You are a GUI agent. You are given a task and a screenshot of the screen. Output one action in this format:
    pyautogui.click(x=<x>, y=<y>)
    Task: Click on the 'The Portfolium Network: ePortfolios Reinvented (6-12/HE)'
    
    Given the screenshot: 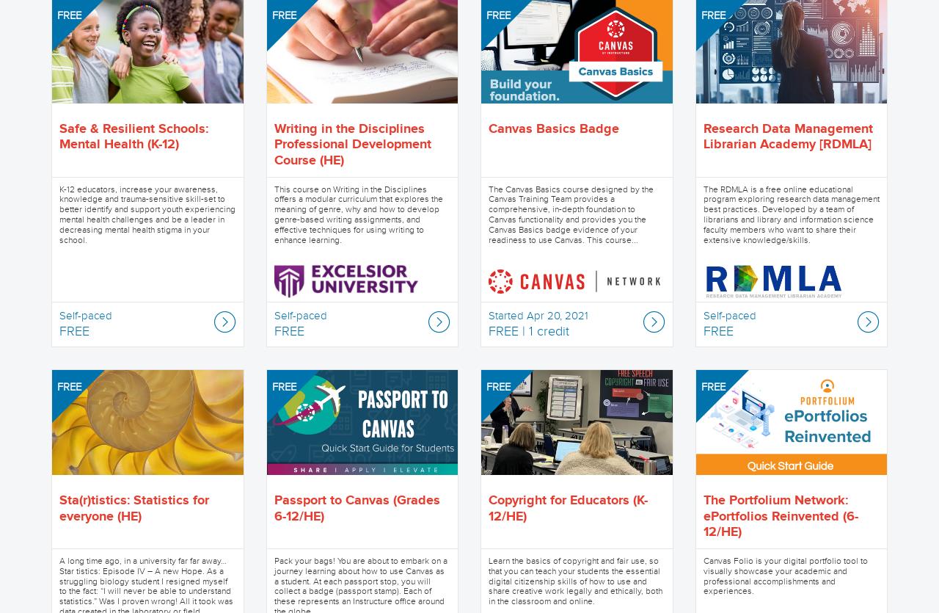 What is the action you would take?
    pyautogui.click(x=779, y=516)
    